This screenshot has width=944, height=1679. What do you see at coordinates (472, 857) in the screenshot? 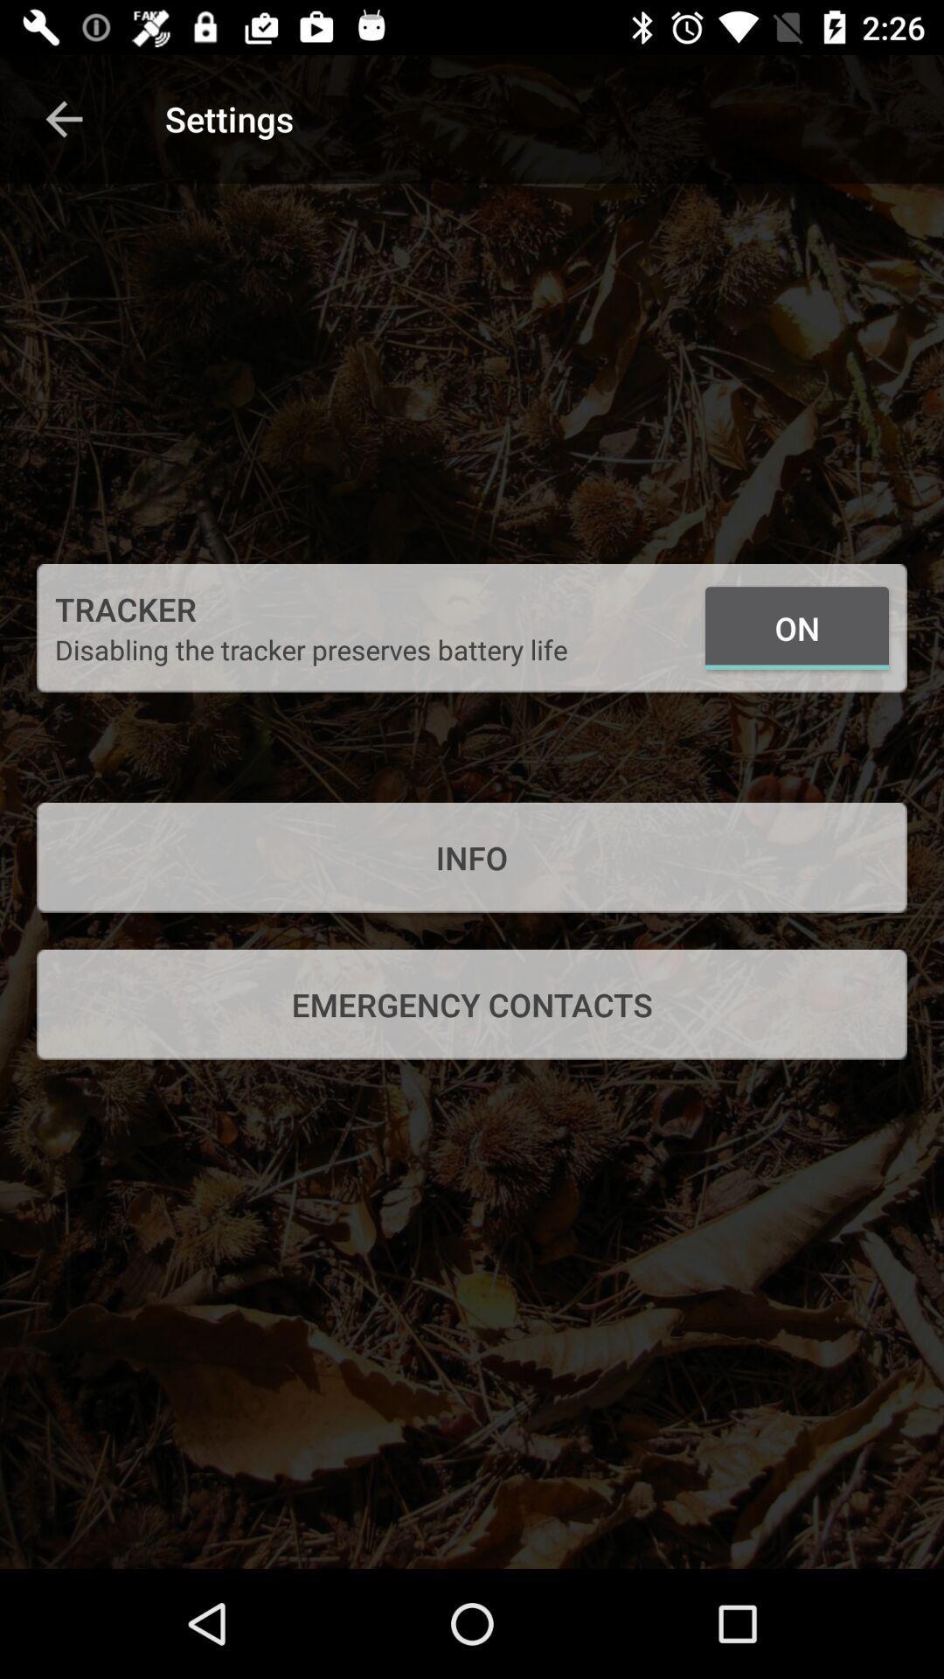
I see `the info item` at bounding box center [472, 857].